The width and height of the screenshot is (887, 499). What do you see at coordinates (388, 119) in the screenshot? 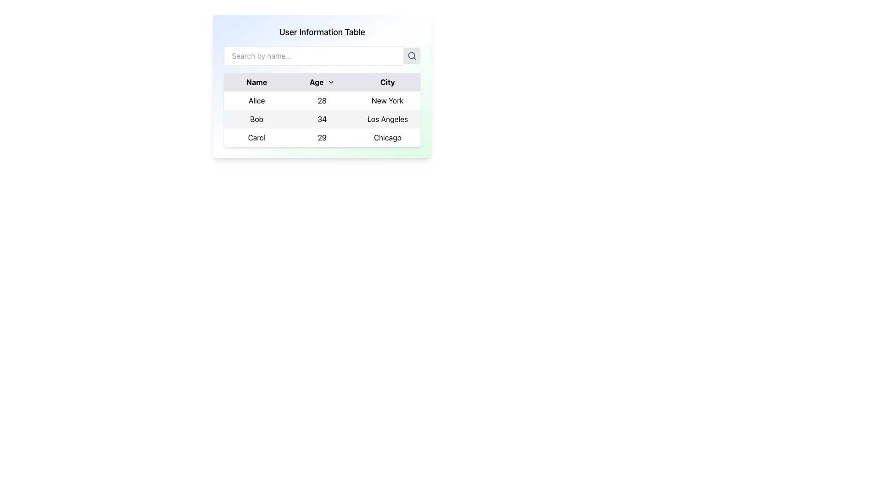
I see `the Table Cell displaying 'Los Angeles' for user 'Bob' in the second row and third column of the data table` at bounding box center [388, 119].